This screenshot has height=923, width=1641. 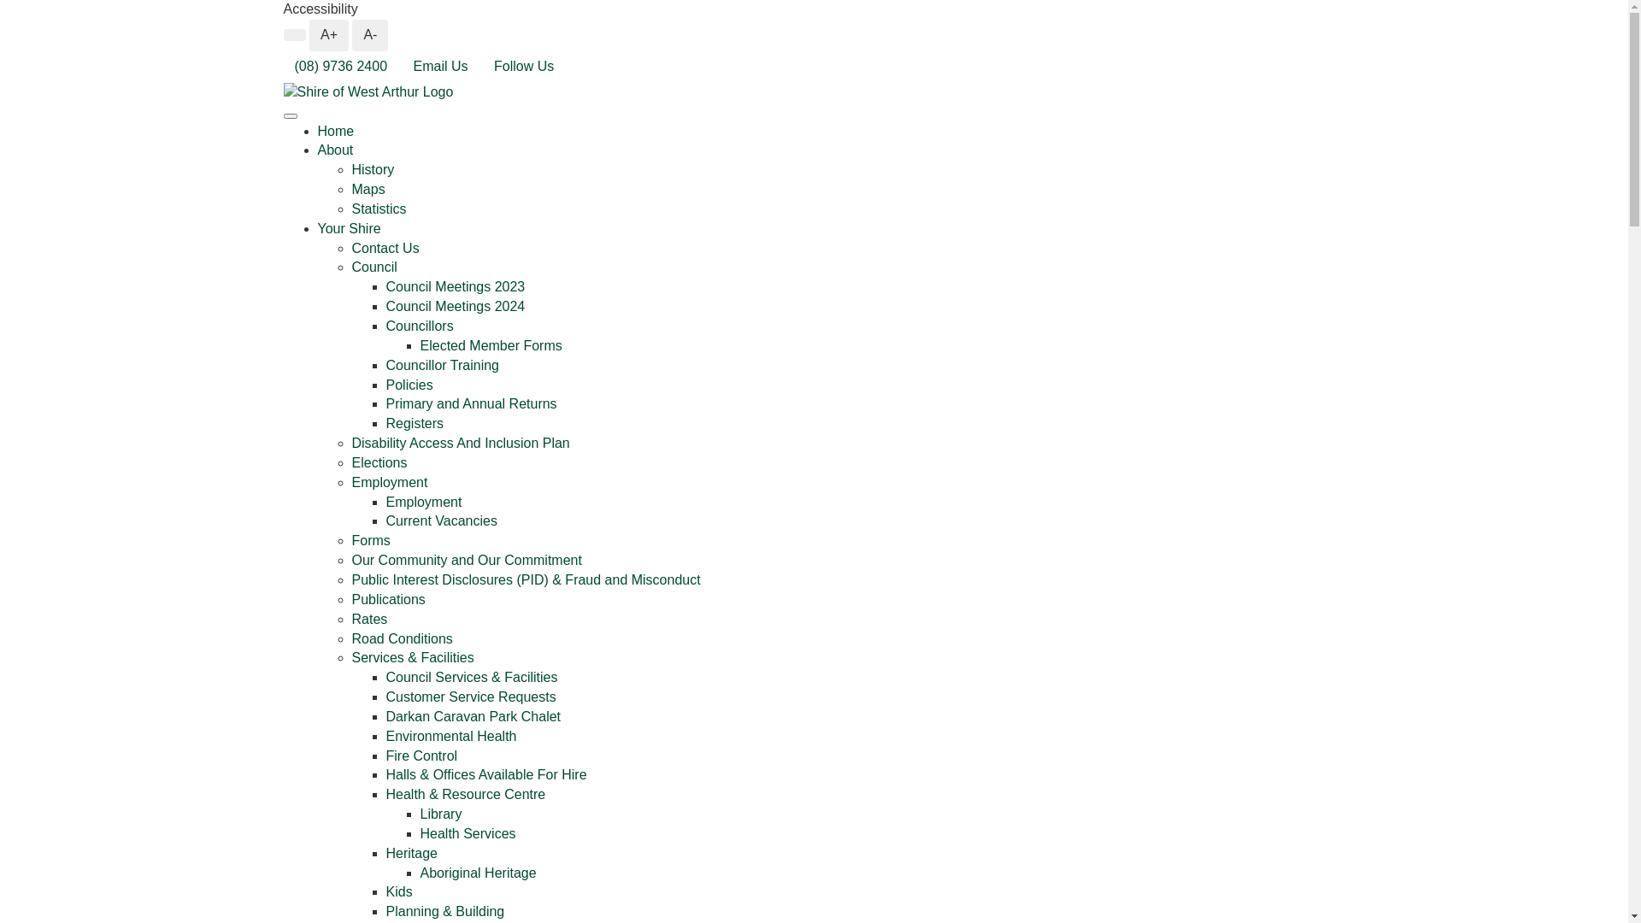 What do you see at coordinates (351, 619) in the screenshot?
I see `'Rates'` at bounding box center [351, 619].